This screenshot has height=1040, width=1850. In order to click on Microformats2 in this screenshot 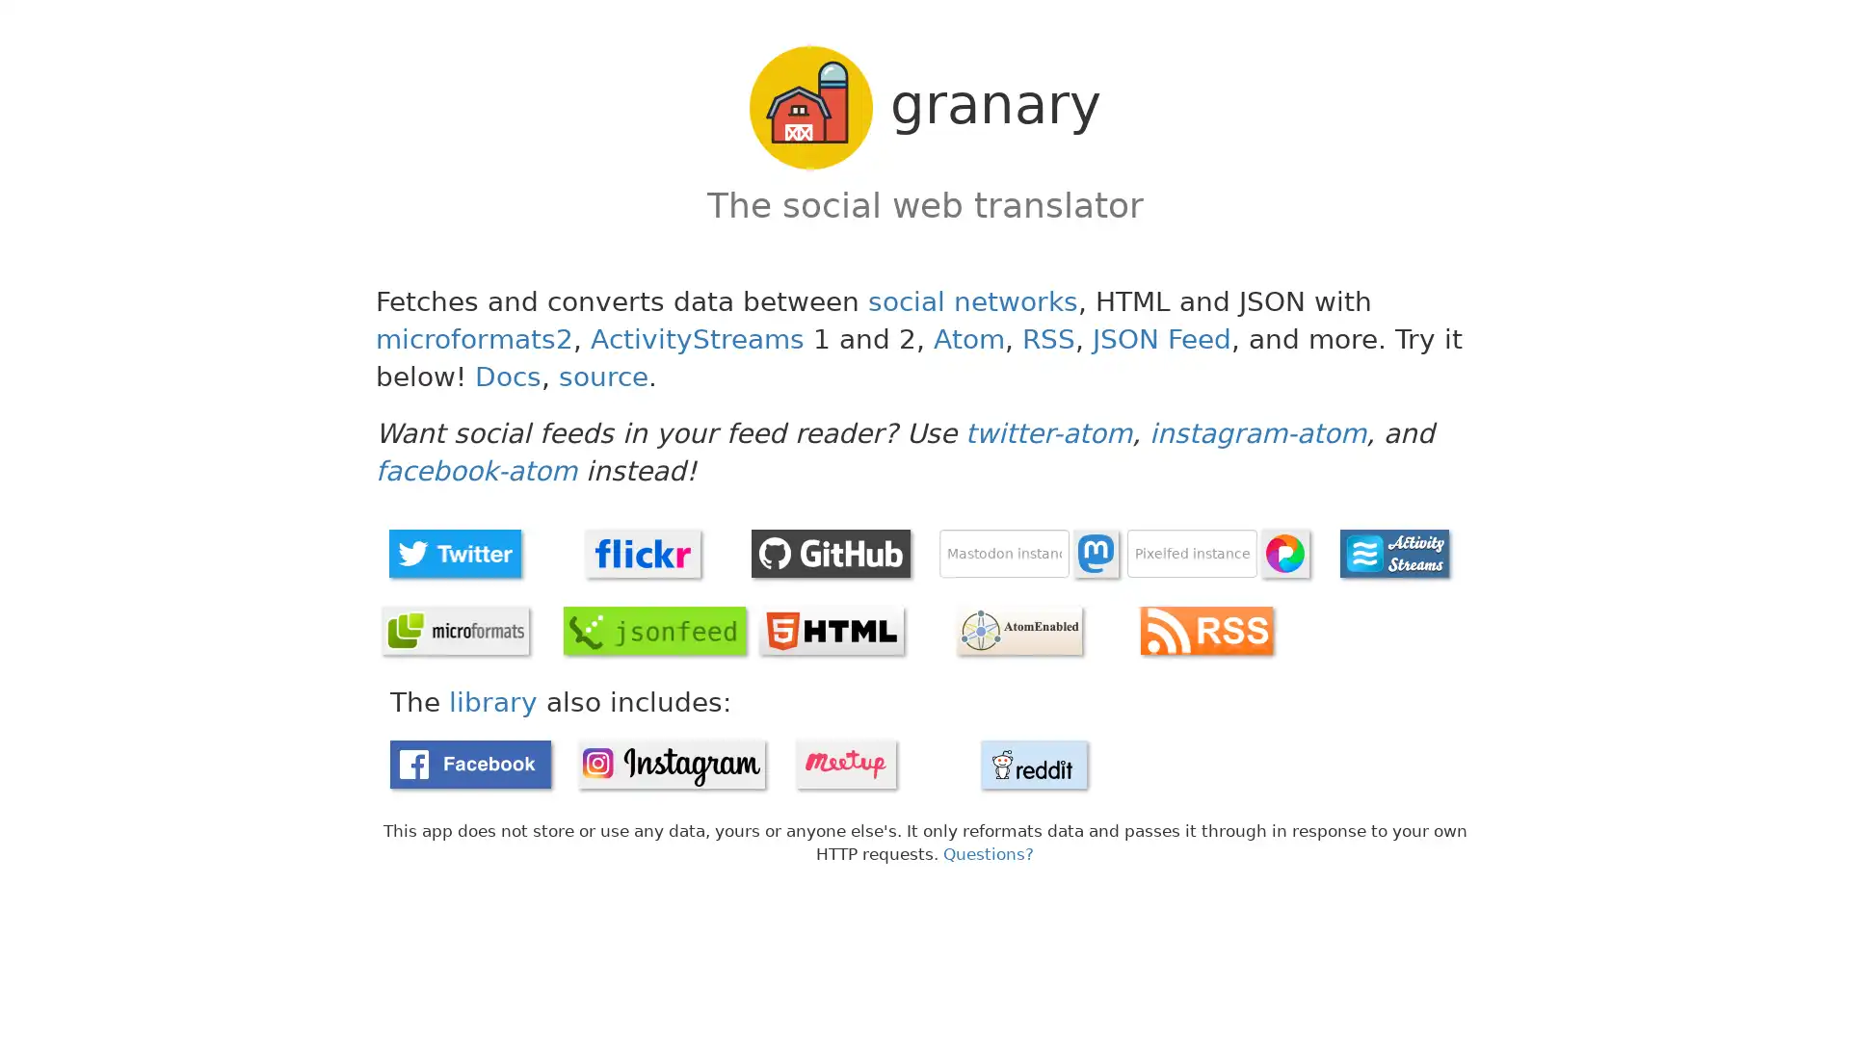, I will do `click(453, 630)`.